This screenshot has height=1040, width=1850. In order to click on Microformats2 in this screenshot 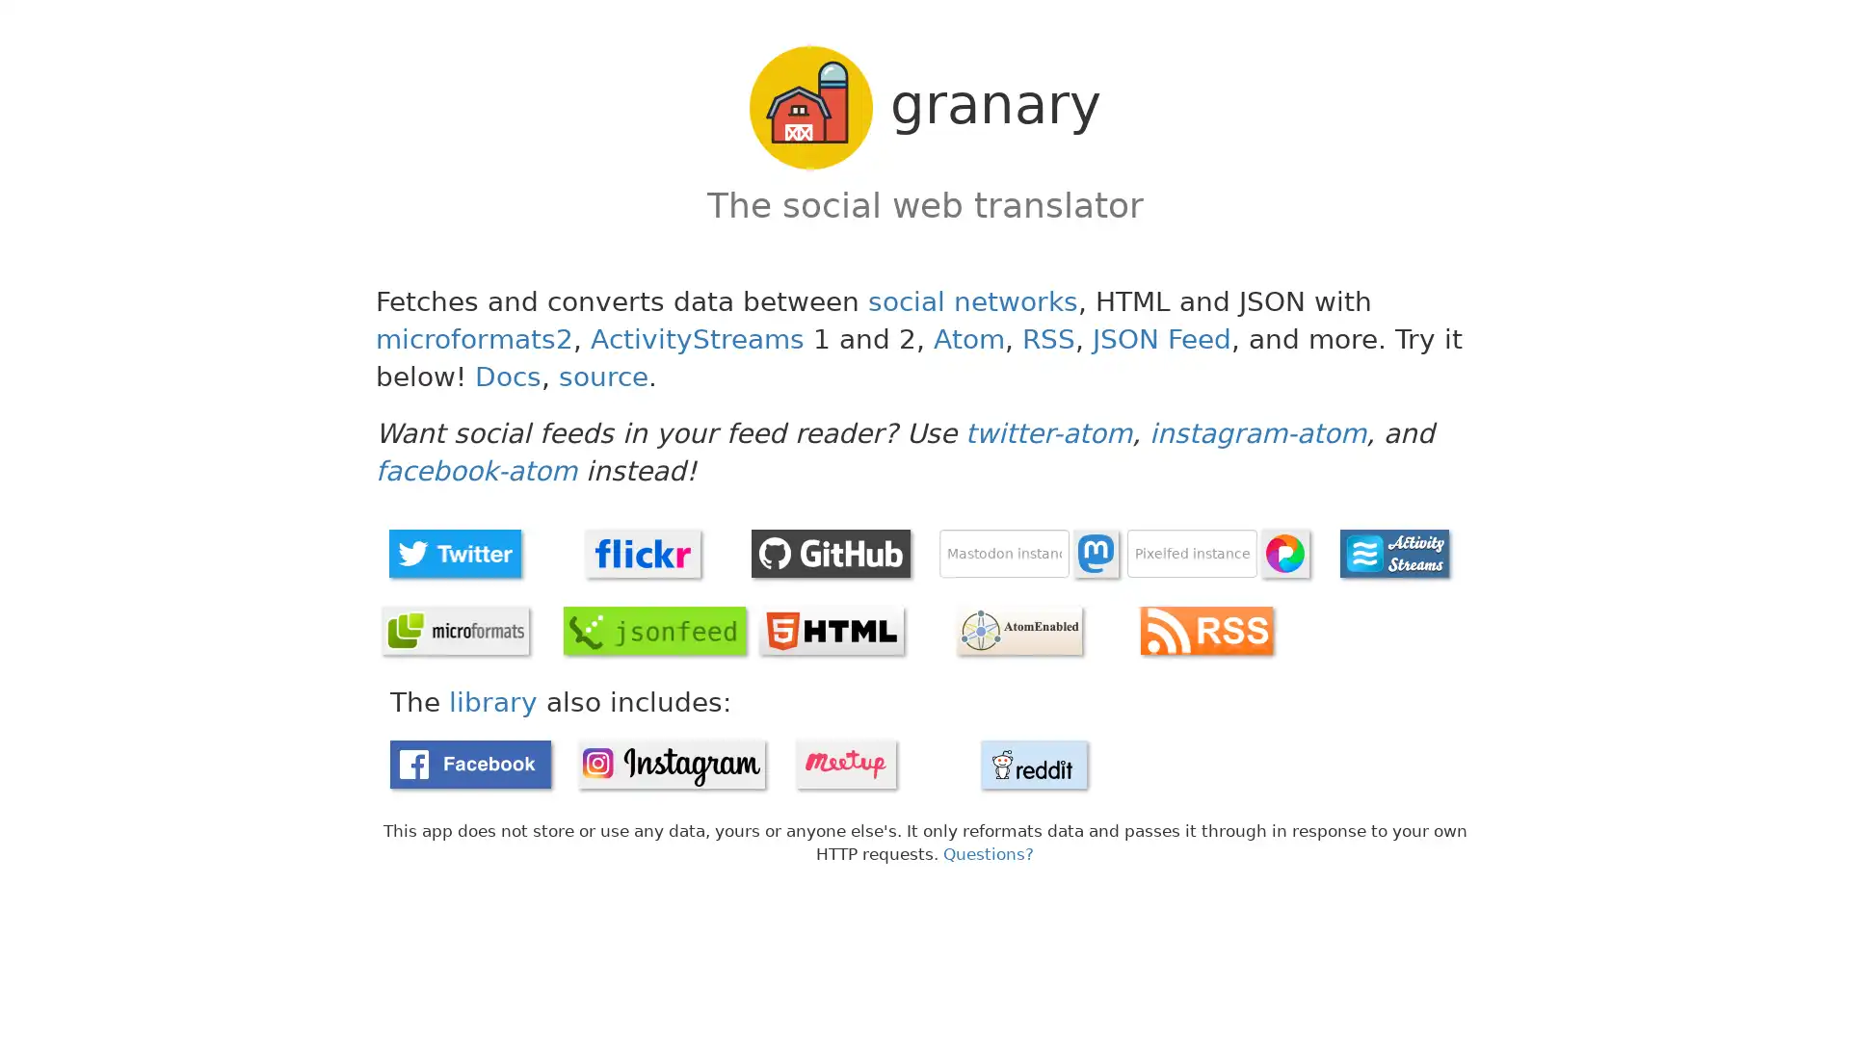, I will do `click(453, 630)`.